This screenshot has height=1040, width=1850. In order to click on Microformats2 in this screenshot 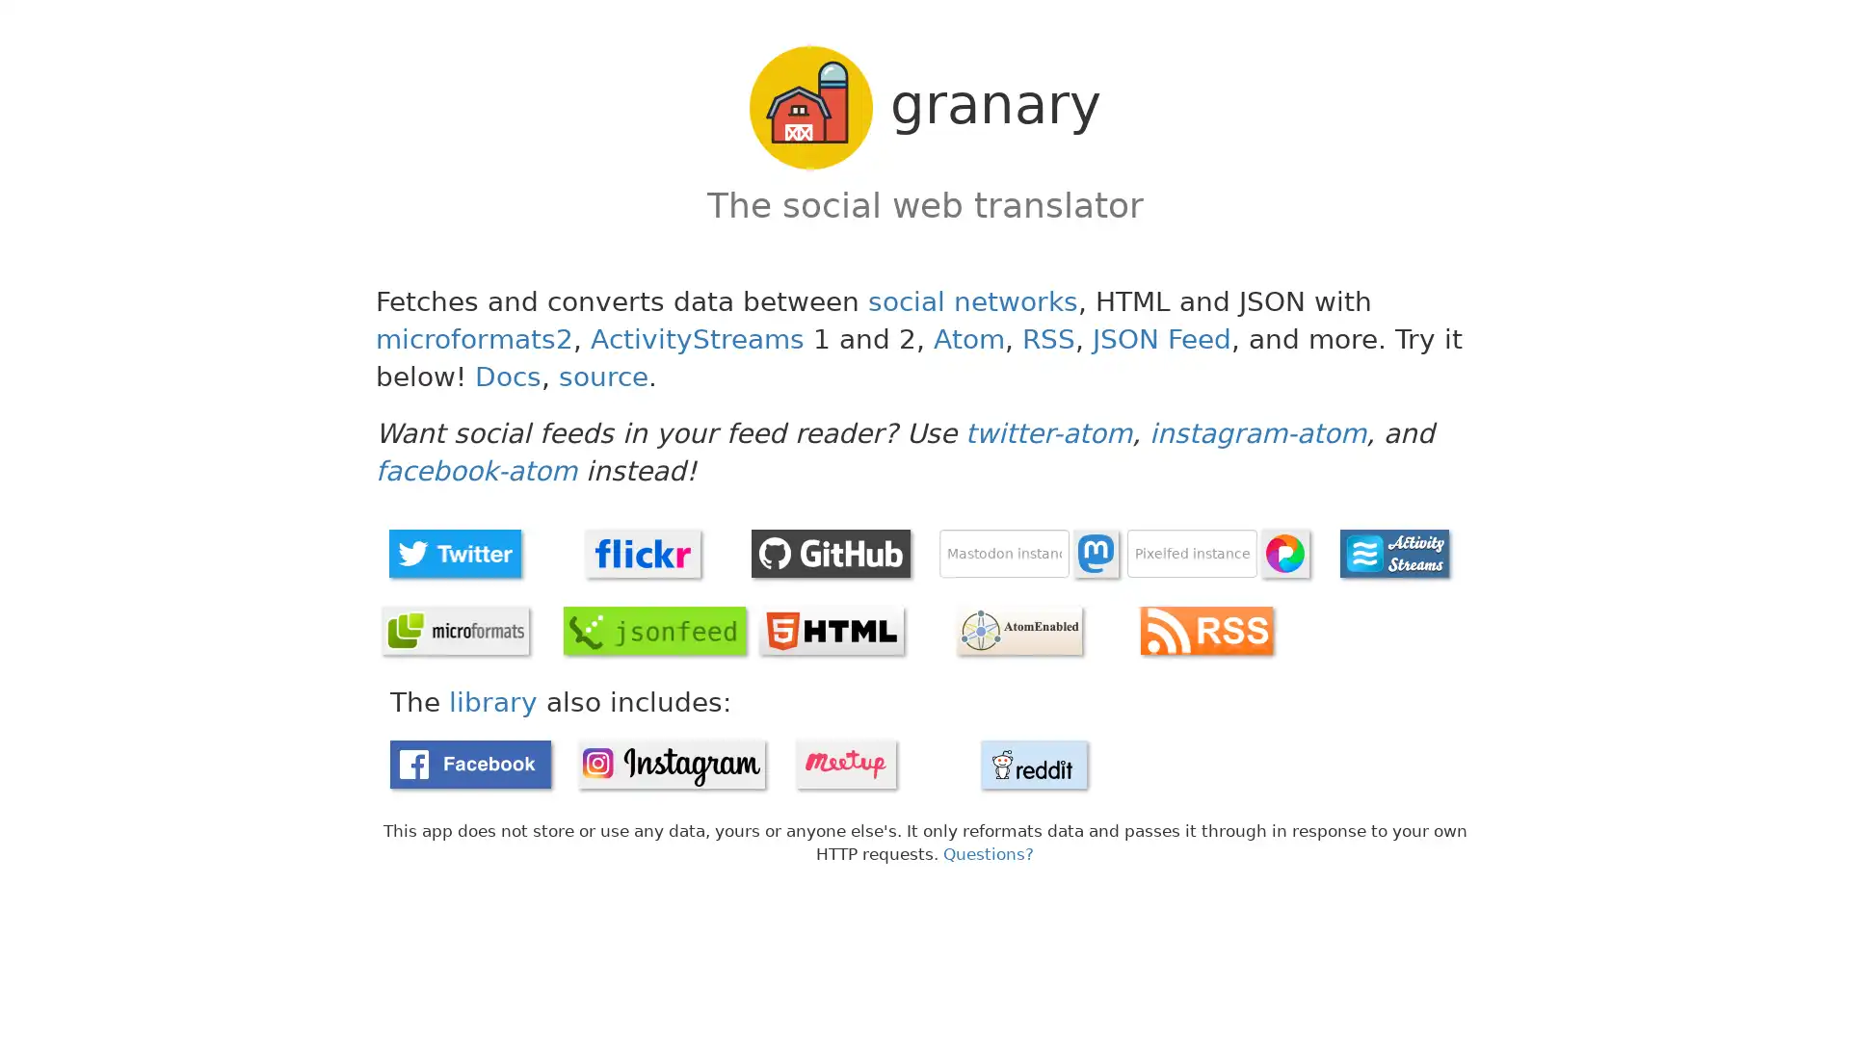, I will do `click(453, 630)`.